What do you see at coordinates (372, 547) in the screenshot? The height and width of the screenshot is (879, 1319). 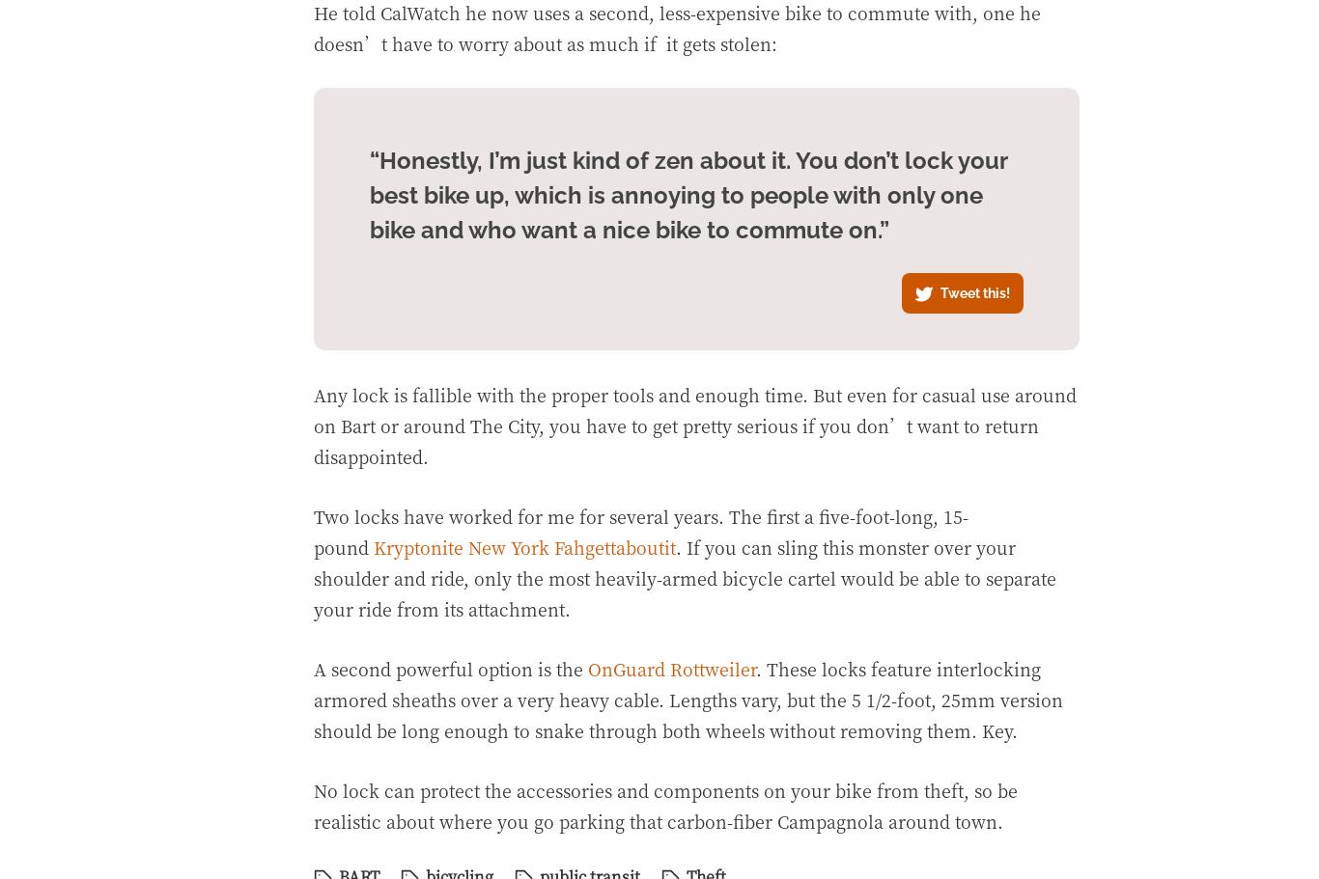 I see `'Kryptonite New York Fahgettaboutit'` at bounding box center [372, 547].